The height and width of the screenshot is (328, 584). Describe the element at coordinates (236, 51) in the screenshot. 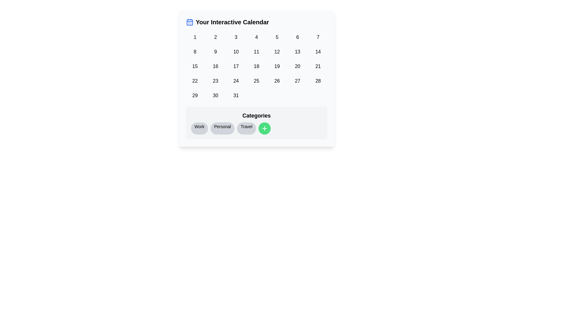

I see `the button for the day '10' in the interactive calendar to change its background color` at that location.